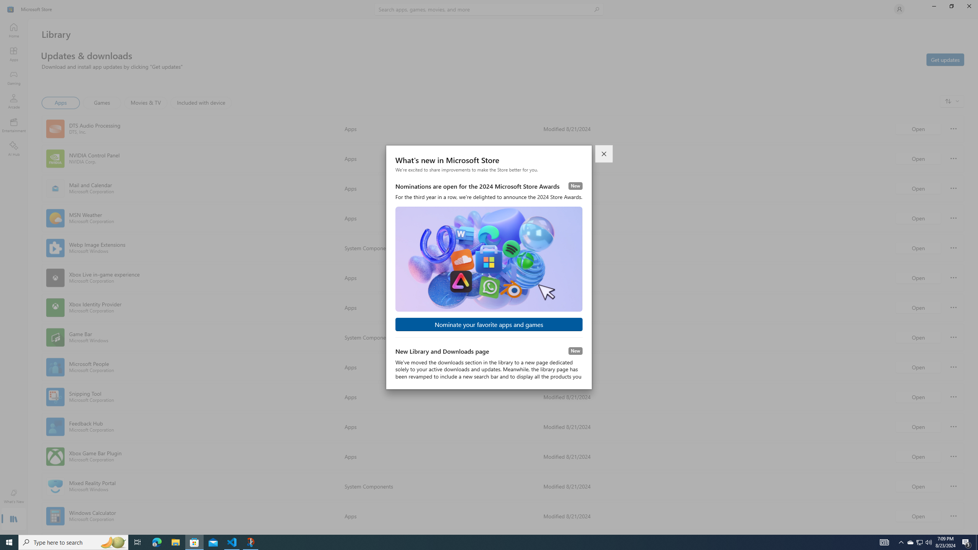 Image resolution: width=978 pixels, height=550 pixels. What do you see at coordinates (899, 8) in the screenshot?
I see `'User profile'` at bounding box center [899, 8].